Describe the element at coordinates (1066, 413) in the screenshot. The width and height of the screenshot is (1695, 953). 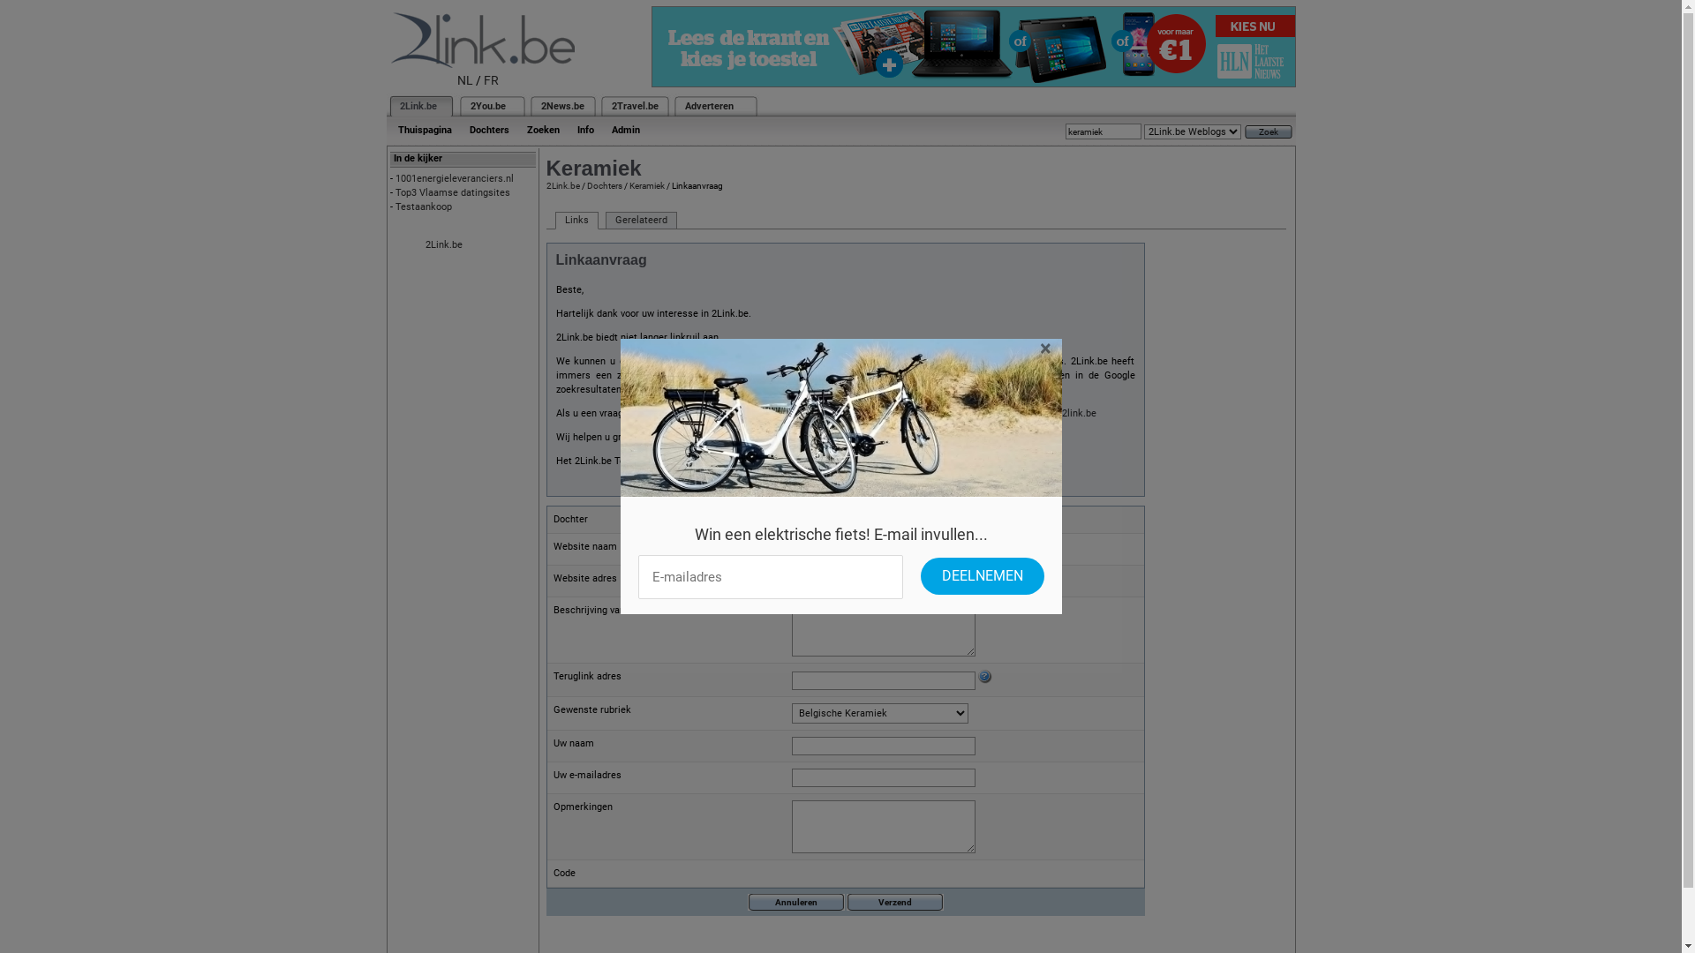
I see `'info@2link.be'` at that location.